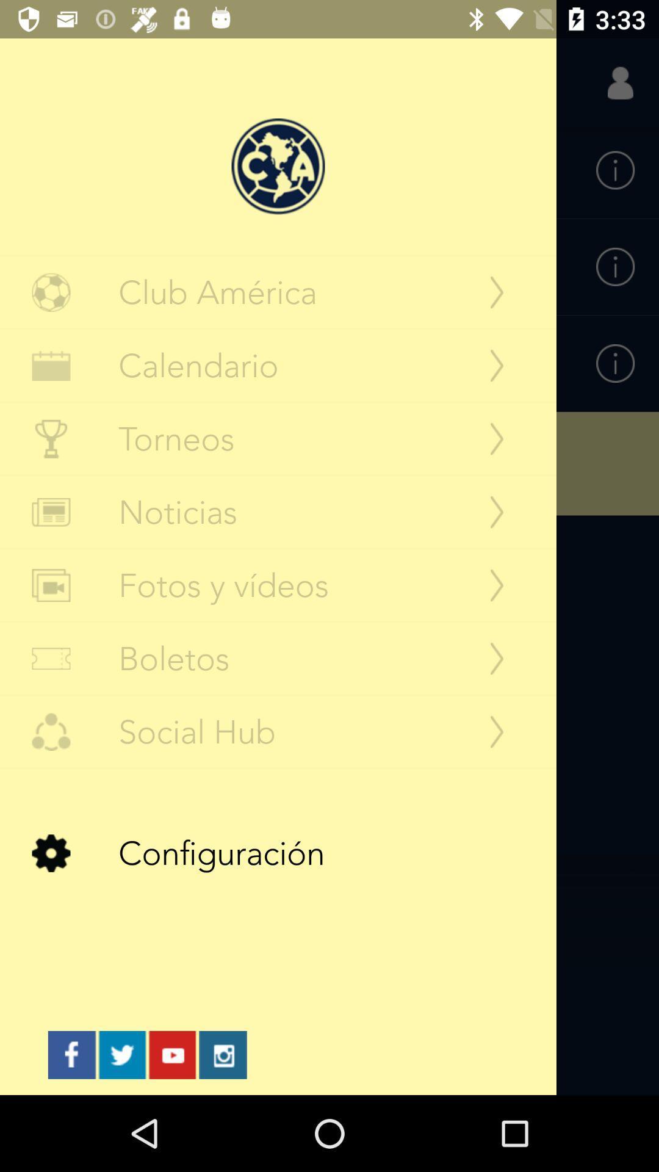 The width and height of the screenshot is (659, 1172). What do you see at coordinates (497, 658) in the screenshot?
I see `arrow which is next to boletos` at bounding box center [497, 658].